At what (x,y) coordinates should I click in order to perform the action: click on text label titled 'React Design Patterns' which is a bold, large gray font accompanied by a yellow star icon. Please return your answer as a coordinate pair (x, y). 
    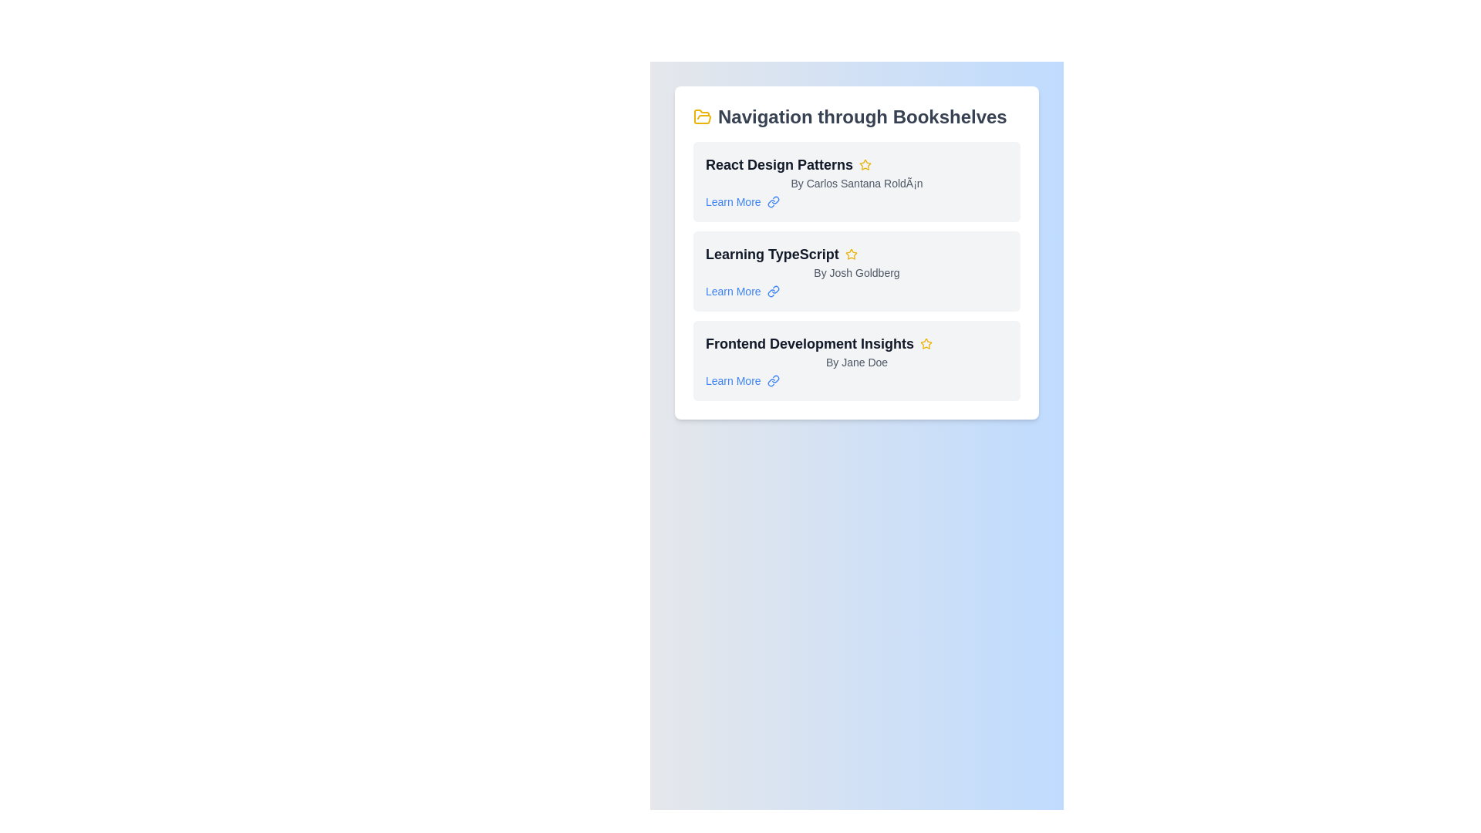
    Looking at the image, I should click on (855, 164).